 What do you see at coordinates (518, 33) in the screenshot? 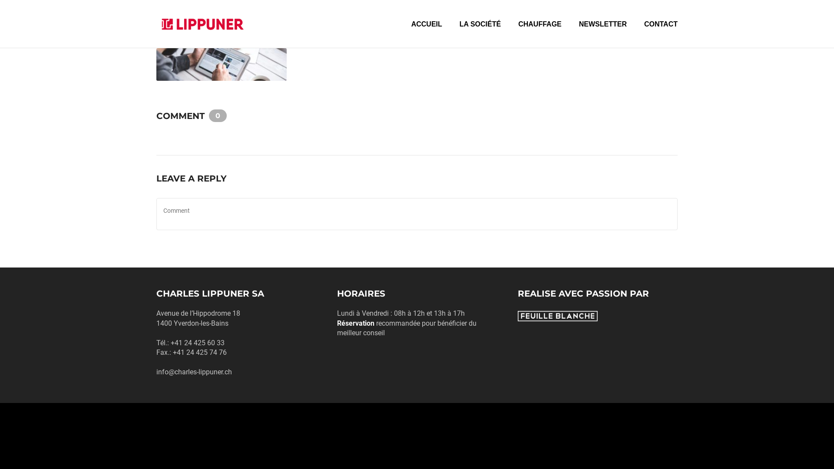
I see `'CHAUFFAGE'` at bounding box center [518, 33].